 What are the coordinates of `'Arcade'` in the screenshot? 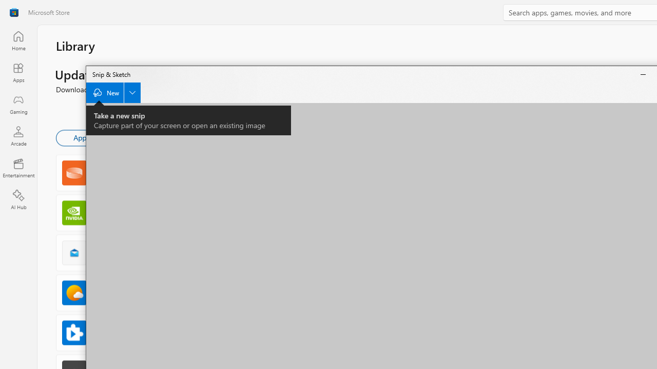 It's located at (18, 135).